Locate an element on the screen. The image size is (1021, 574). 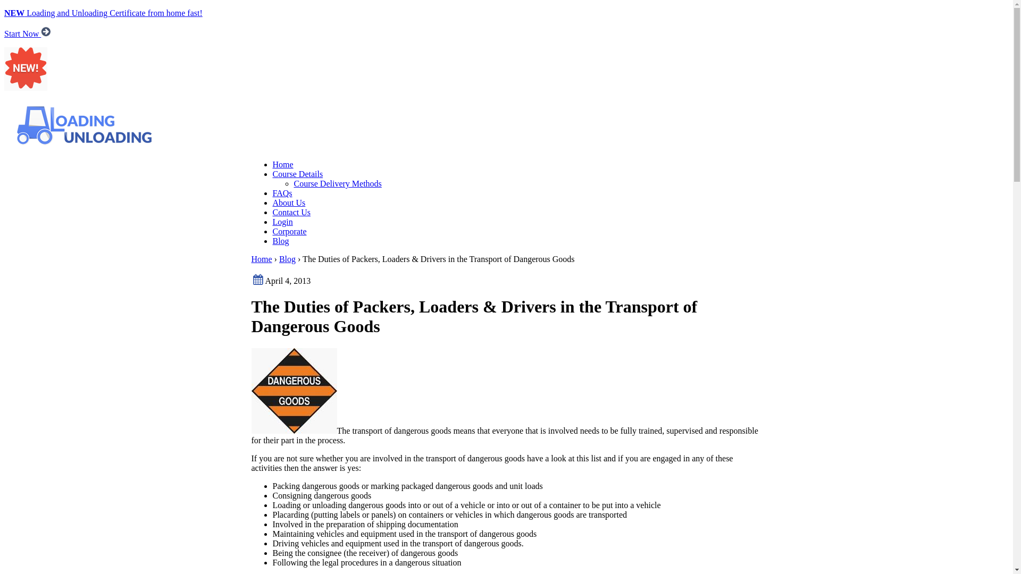
'Home' is located at coordinates (261, 259).